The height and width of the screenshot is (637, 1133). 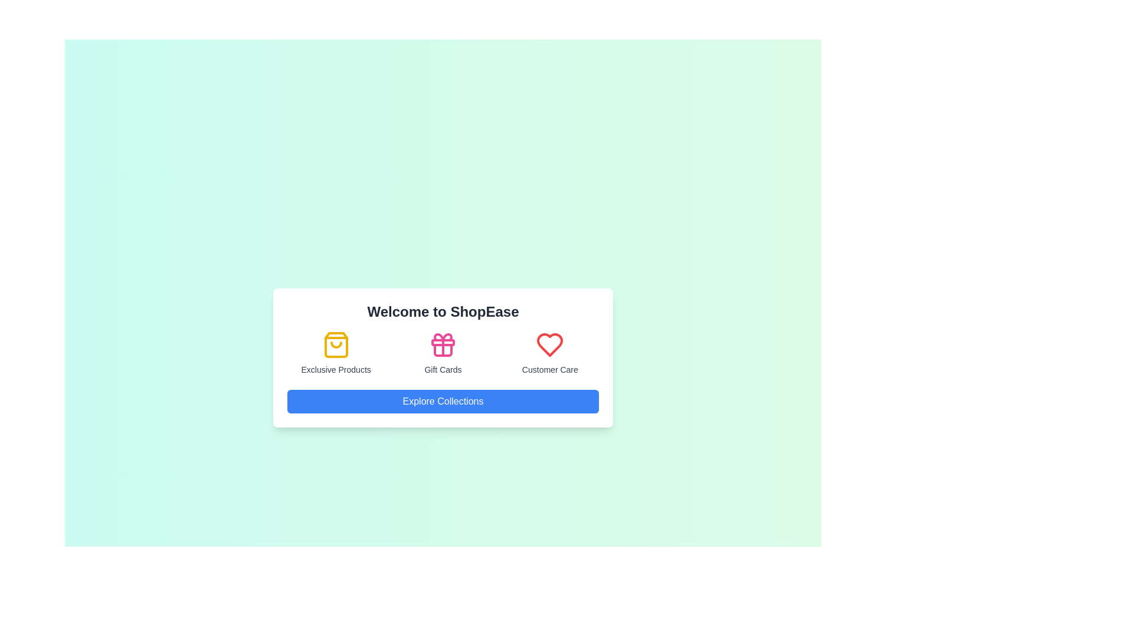 What do you see at coordinates (335, 345) in the screenshot?
I see `the orange-colored shopping bag icon located in the 'Exclusive Products' section, which is positioned centrally above its label text` at bounding box center [335, 345].